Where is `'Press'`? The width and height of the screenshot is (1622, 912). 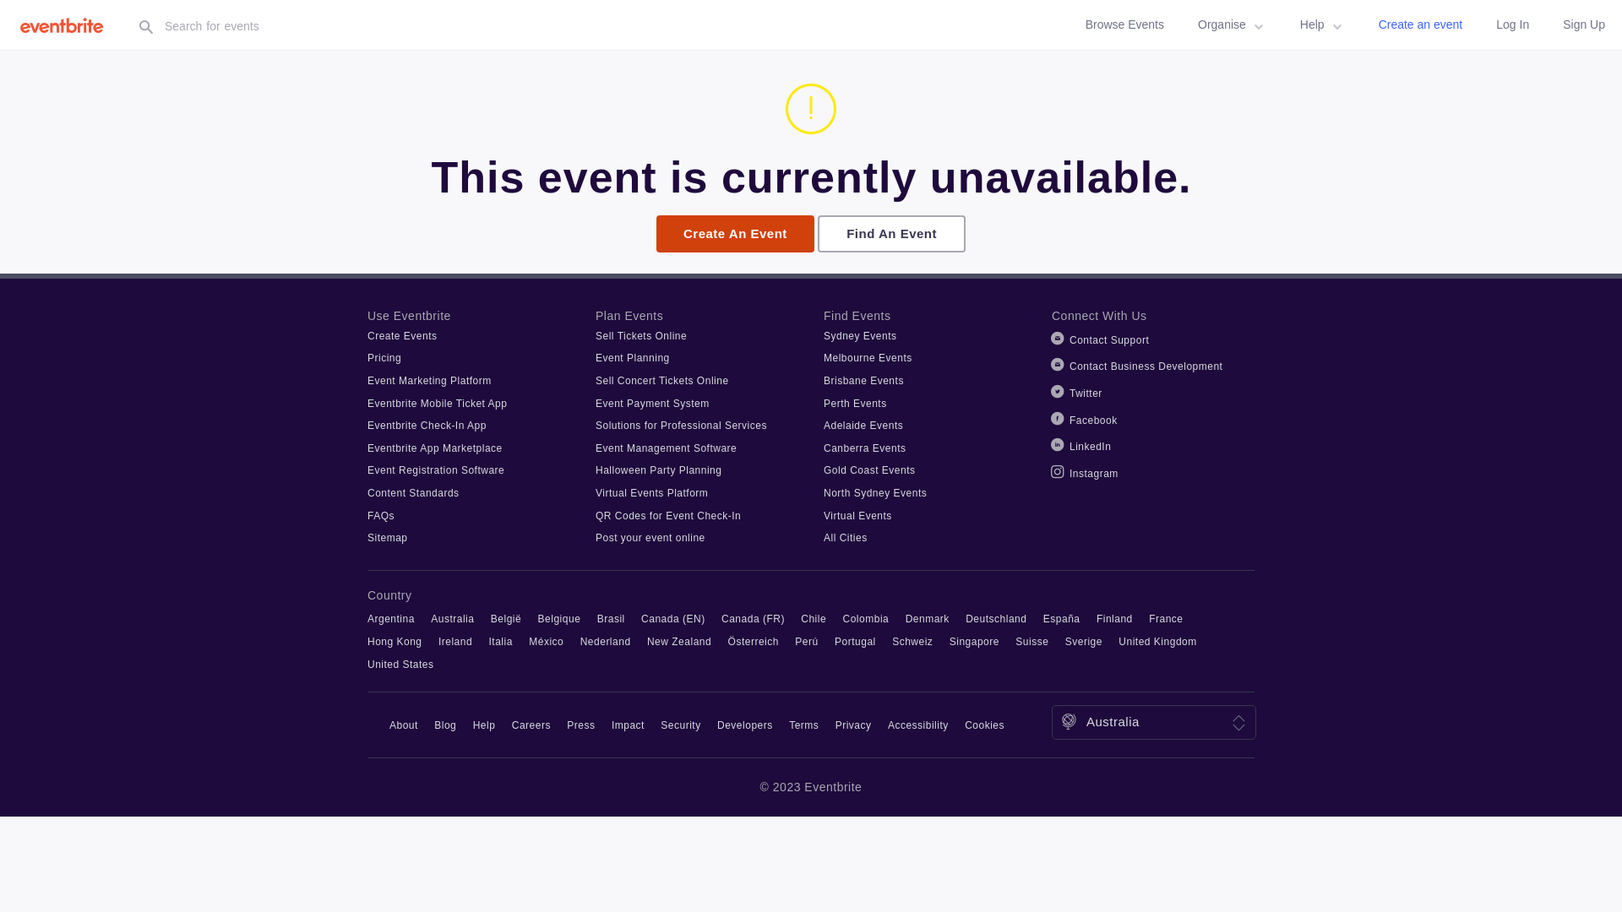
'Press' is located at coordinates (580, 725).